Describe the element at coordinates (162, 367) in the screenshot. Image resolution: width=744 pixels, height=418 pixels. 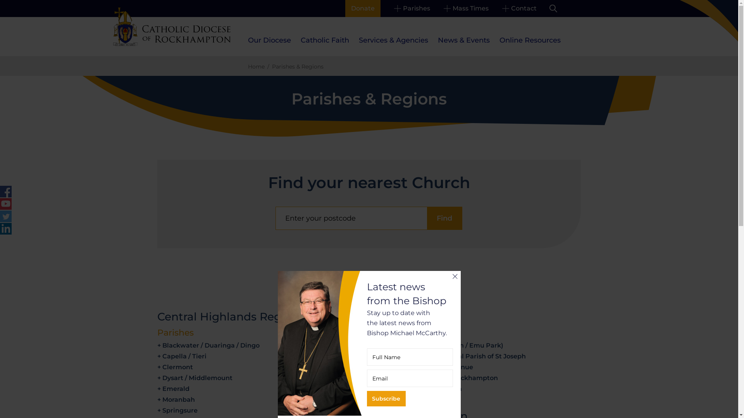
I see `'Clermont'` at that location.